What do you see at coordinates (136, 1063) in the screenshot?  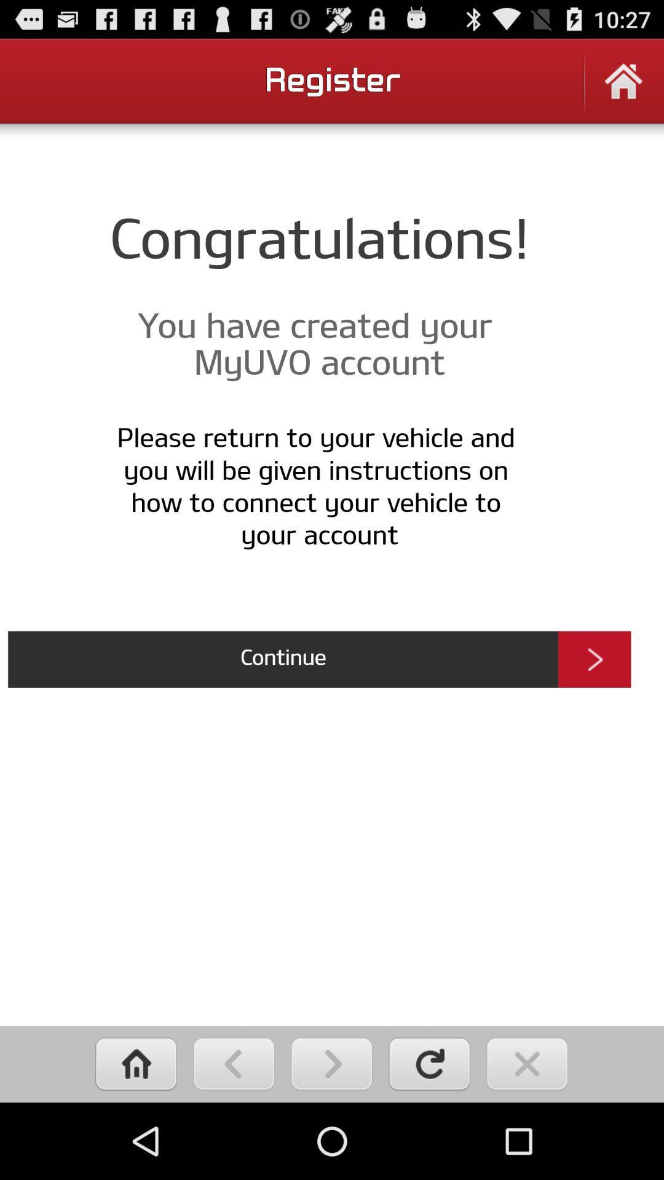 I see `home button` at bounding box center [136, 1063].